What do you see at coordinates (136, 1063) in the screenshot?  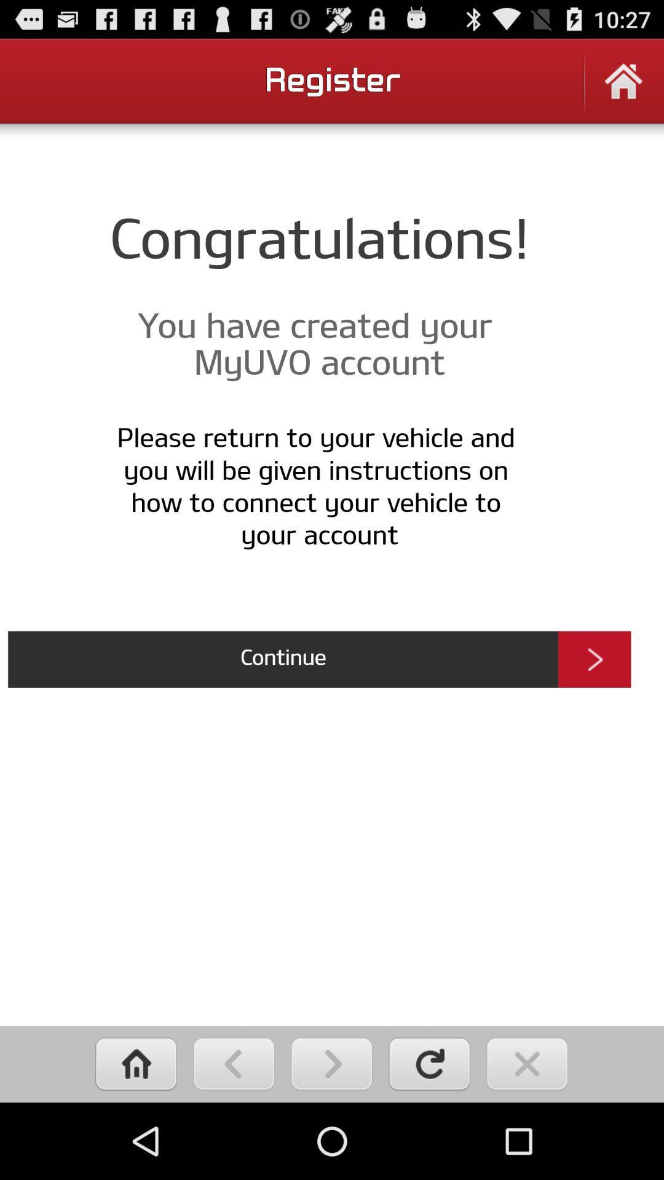 I see `home button` at bounding box center [136, 1063].